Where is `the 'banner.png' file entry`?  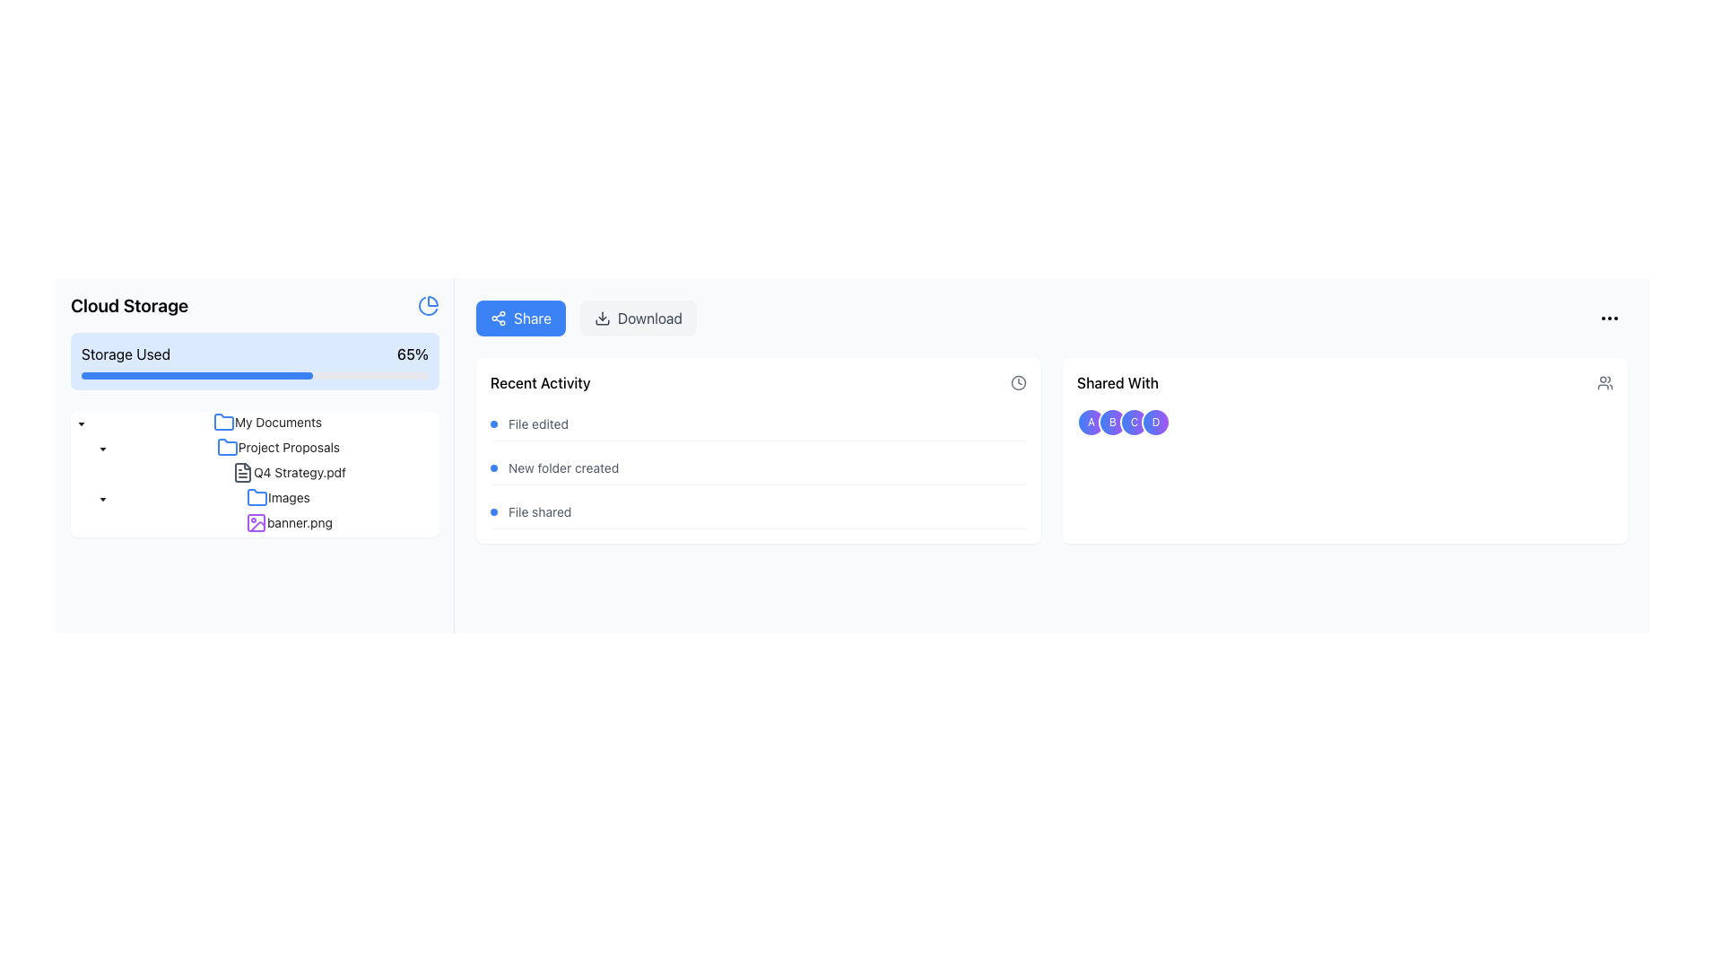 the 'banner.png' file entry is located at coordinates (254, 522).